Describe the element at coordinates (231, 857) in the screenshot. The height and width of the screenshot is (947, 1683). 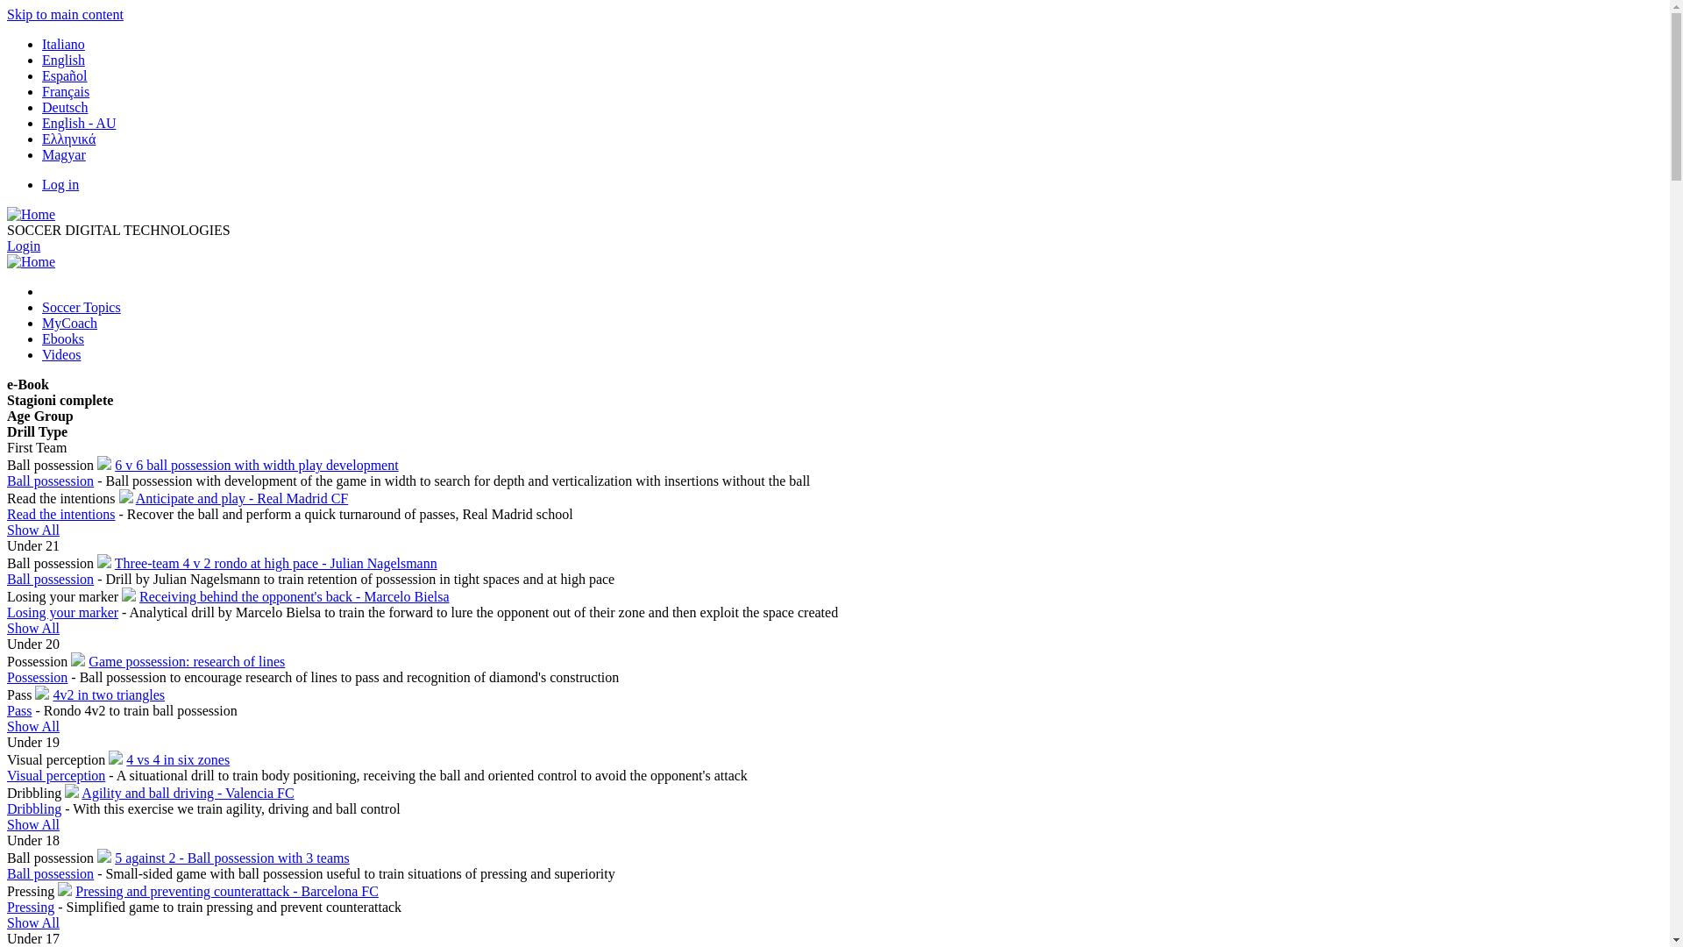
I see `'5 against 2 - Ball possession with 3 teams'` at that location.